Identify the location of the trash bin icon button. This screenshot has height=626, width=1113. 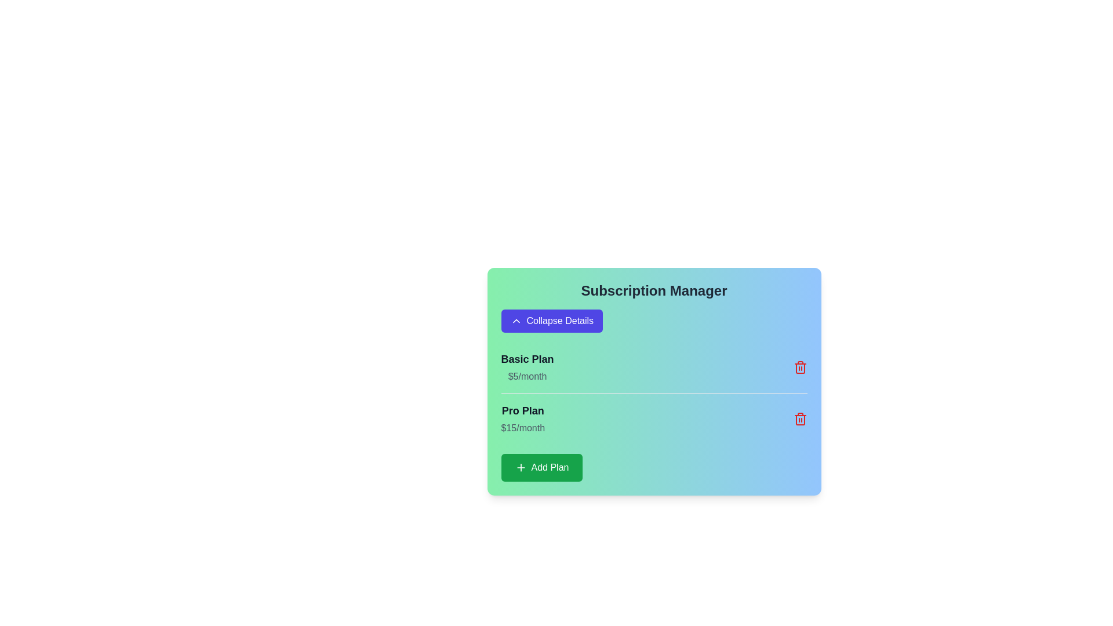
(799, 420).